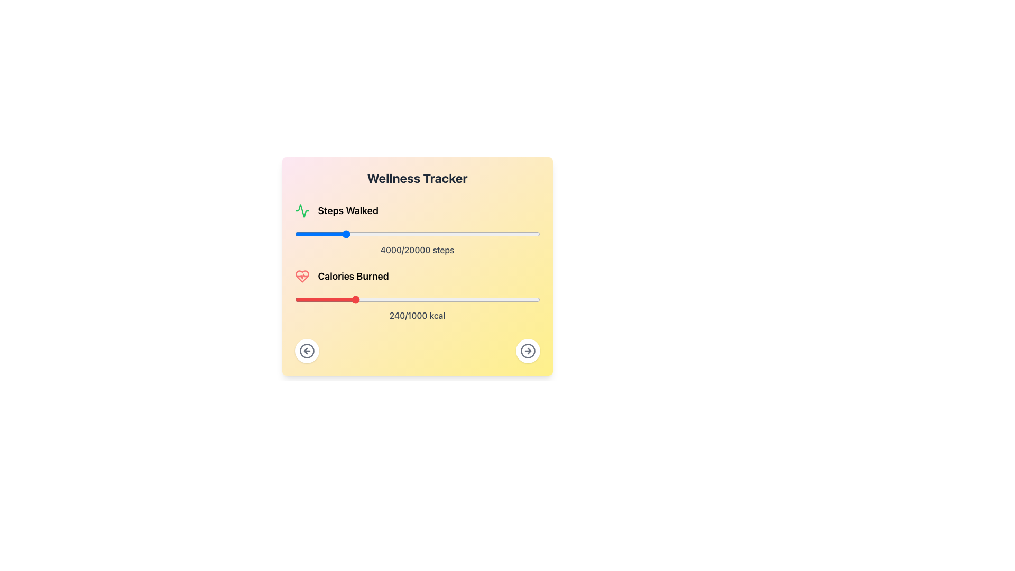 This screenshot has height=571, width=1015. What do you see at coordinates (301, 276) in the screenshot?
I see `the heart-shaped icon with a central pulse line, styled in red, located on the 'Wellness Tracker' card interface, in front of the 'Calories Burned' label` at bounding box center [301, 276].